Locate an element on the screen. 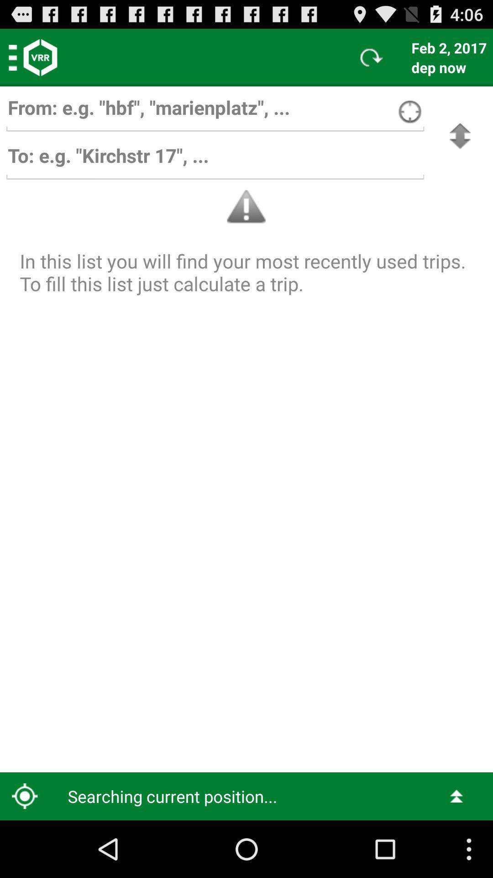 The image size is (493, 878). to address is located at coordinates (215, 160).